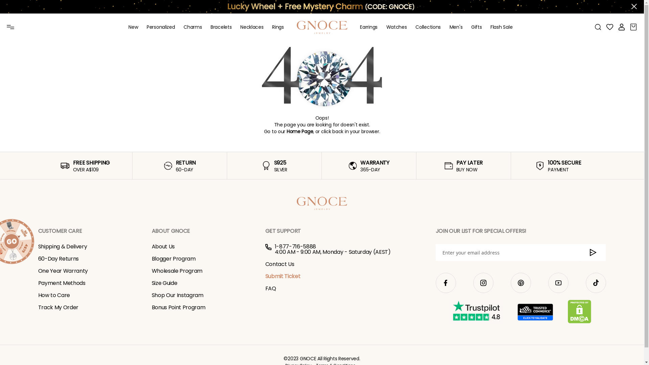 Image resolution: width=649 pixels, height=365 pixels. What do you see at coordinates (270, 288) in the screenshot?
I see `'FAQ'` at bounding box center [270, 288].